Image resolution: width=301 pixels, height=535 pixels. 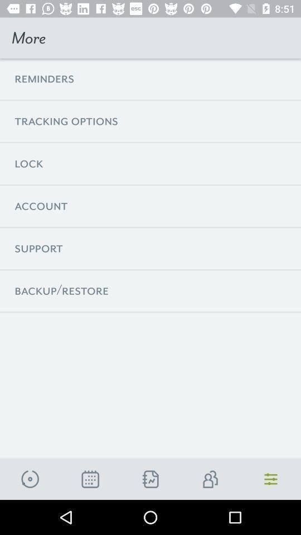 What do you see at coordinates (211, 479) in the screenshot?
I see `account` at bounding box center [211, 479].